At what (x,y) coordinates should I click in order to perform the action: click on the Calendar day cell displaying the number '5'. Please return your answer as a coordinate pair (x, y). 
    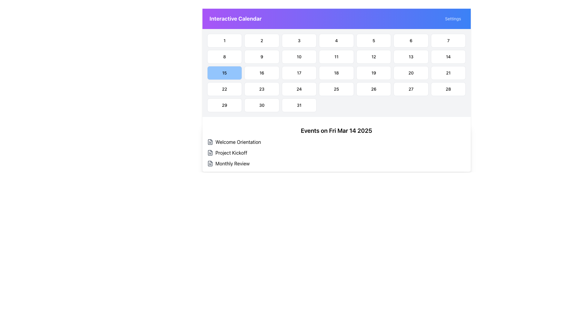
    Looking at the image, I should click on (373, 40).